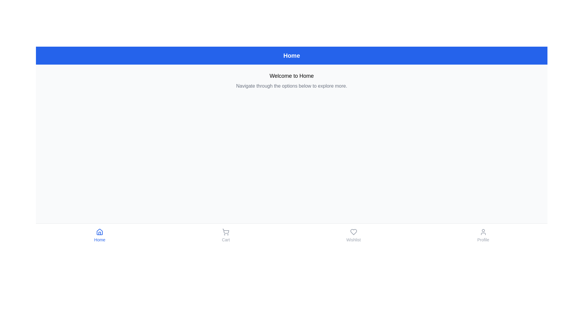  What do you see at coordinates (483, 235) in the screenshot?
I see `the circular user profile icon button labeled 'Profile' located at the far right of the navigation bar` at bounding box center [483, 235].